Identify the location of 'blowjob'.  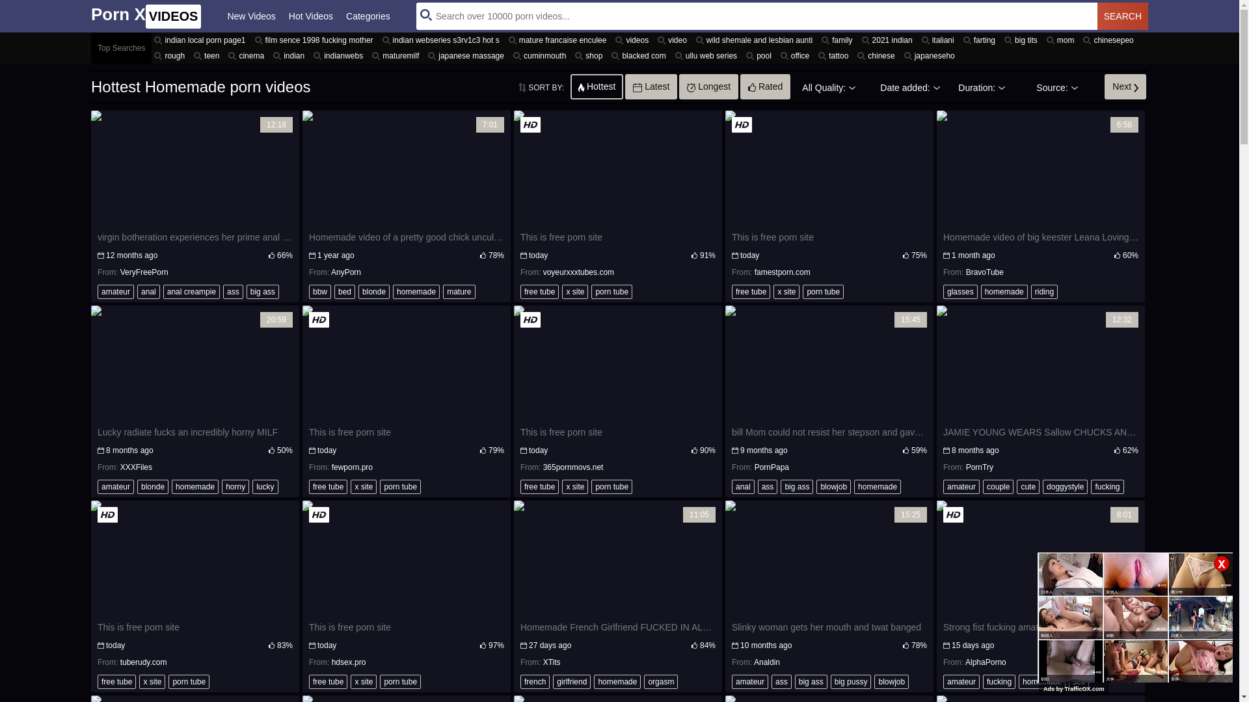
(833, 486).